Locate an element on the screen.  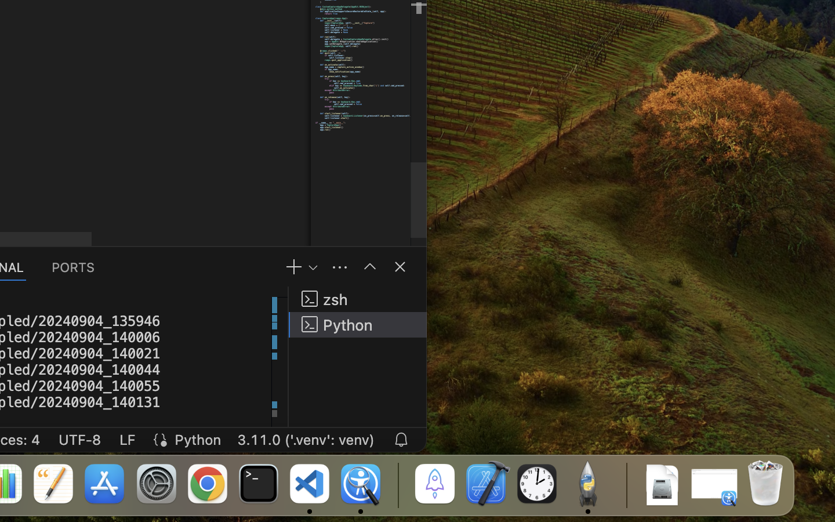
'0 PORTS' is located at coordinates (73, 266).